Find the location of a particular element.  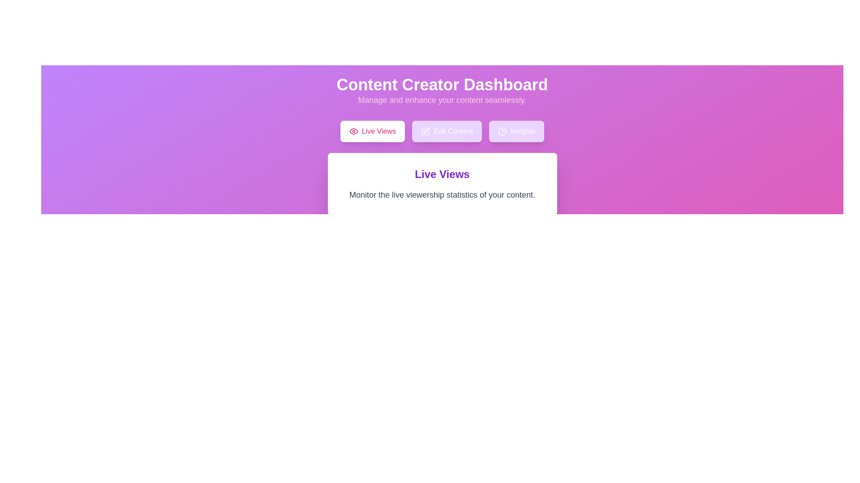

the tab labeled Insights is located at coordinates (516, 131).